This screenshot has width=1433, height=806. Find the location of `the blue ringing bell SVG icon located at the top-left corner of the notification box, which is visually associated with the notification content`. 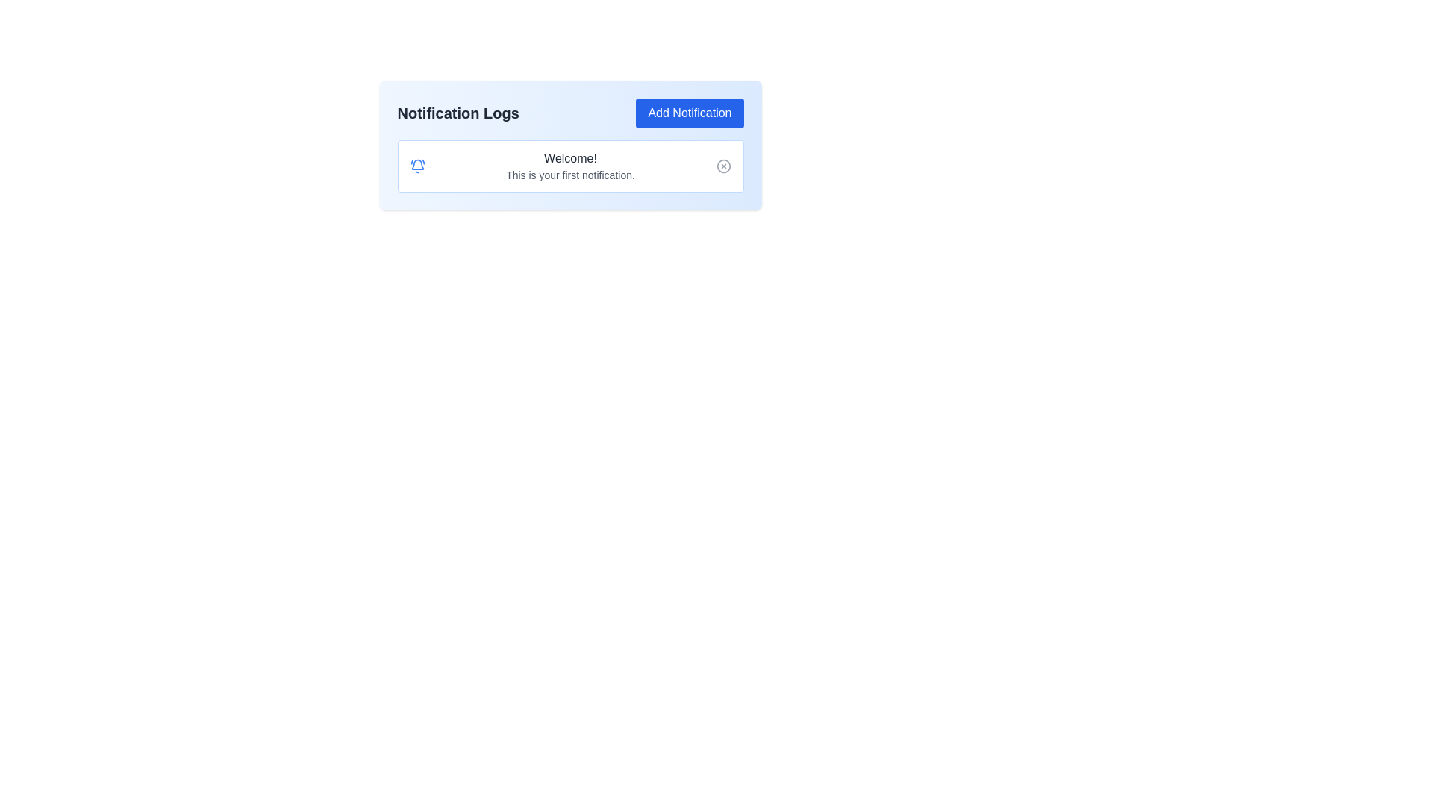

the blue ringing bell SVG icon located at the top-left corner of the notification box, which is visually associated with the notification content is located at coordinates (417, 166).